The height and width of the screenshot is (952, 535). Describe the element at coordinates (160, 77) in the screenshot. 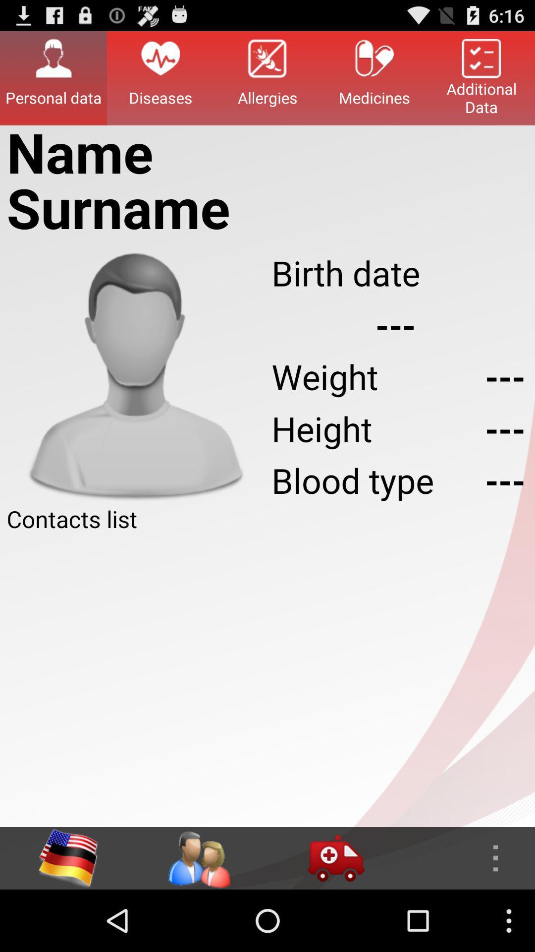

I see `icon next to allergies` at that location.